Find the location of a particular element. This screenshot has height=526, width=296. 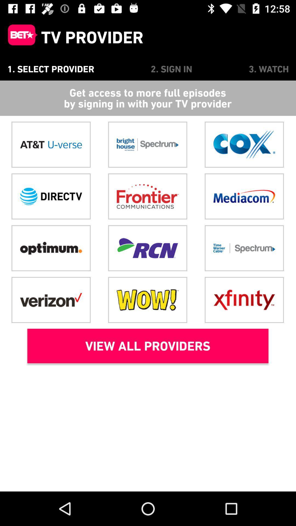

the item to the left of the tv provider is located at coordinates (20, 37).